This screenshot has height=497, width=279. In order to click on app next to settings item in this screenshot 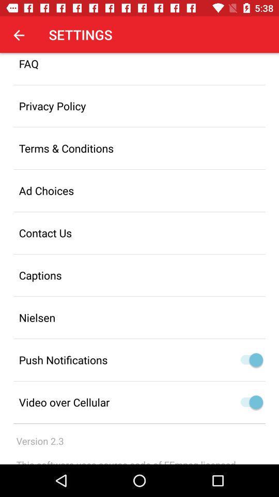, I will do `click(19, 35)`.